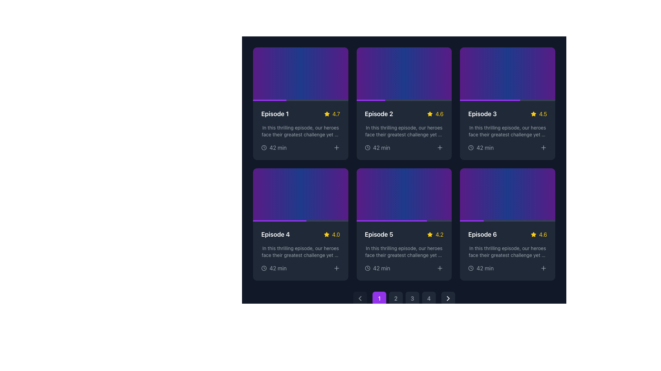 The height and width of the screenshot is (371, 661). Describe the element at coordinates (326, 234) in the screenshot. I see `the Star icon representing a rating of '4.0' for 'Episode 4', located in the second row, first column of the grid layout, immediately to the left of the text '4.0'` at that location.